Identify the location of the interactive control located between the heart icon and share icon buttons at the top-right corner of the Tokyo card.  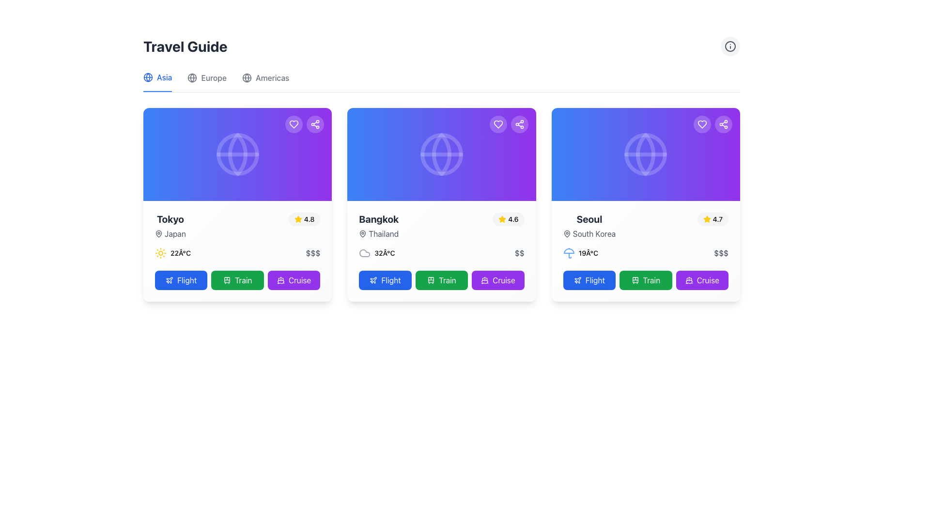
(304, 124).